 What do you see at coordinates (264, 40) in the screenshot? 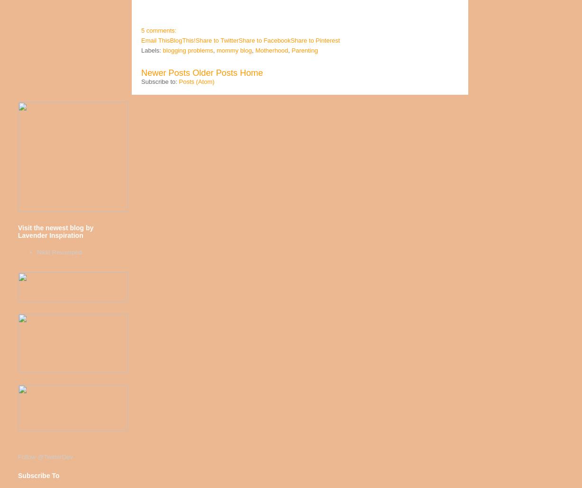
I see `'Share to Facebook'` at bounding box center [264, 40].